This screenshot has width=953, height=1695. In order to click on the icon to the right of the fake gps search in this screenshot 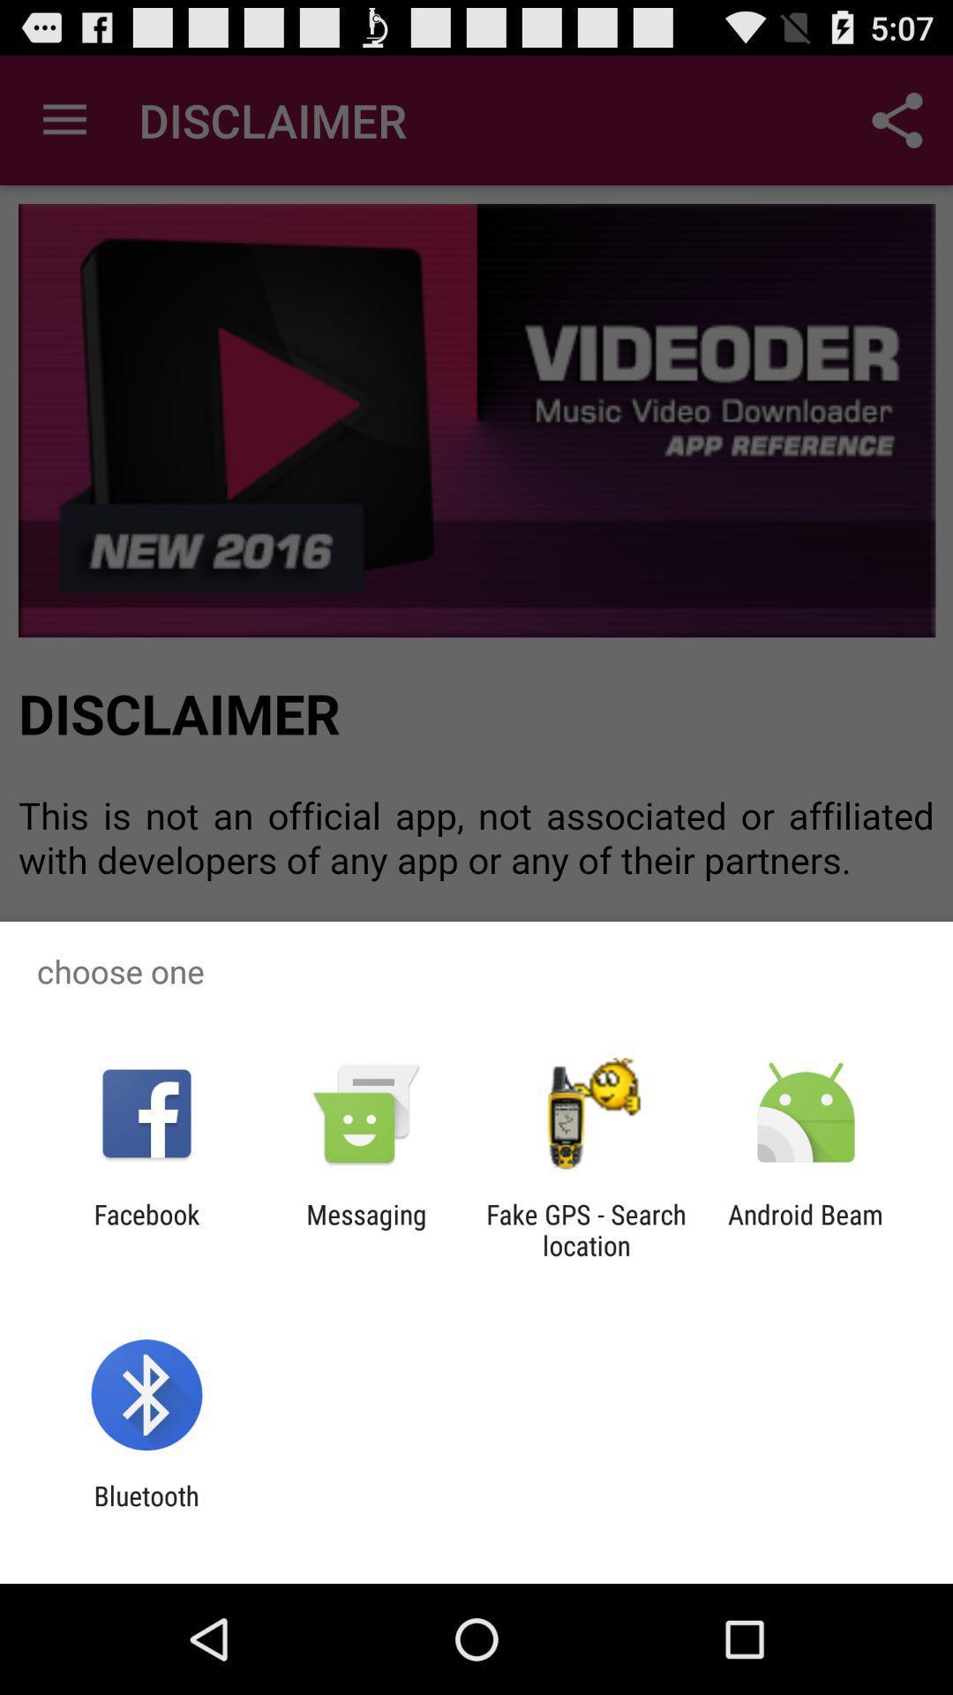, I will do `click(806, 1229)`.